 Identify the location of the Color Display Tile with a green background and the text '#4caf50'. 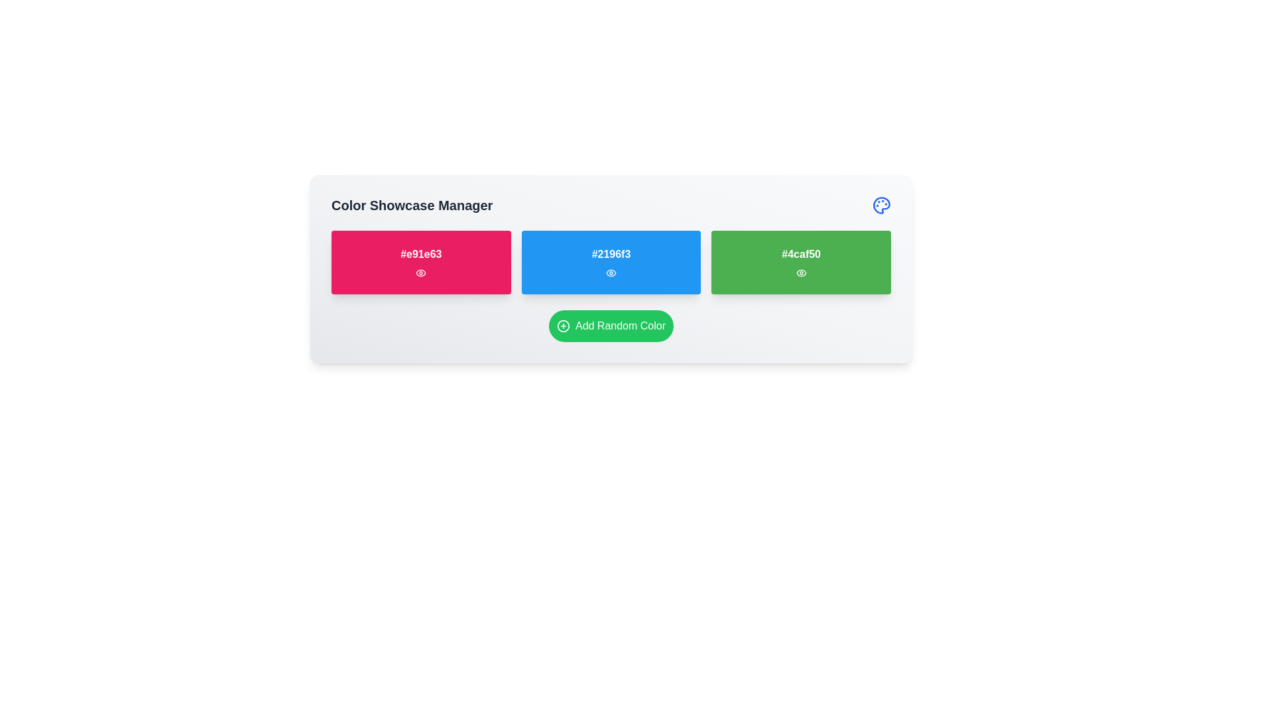
(800, 263).